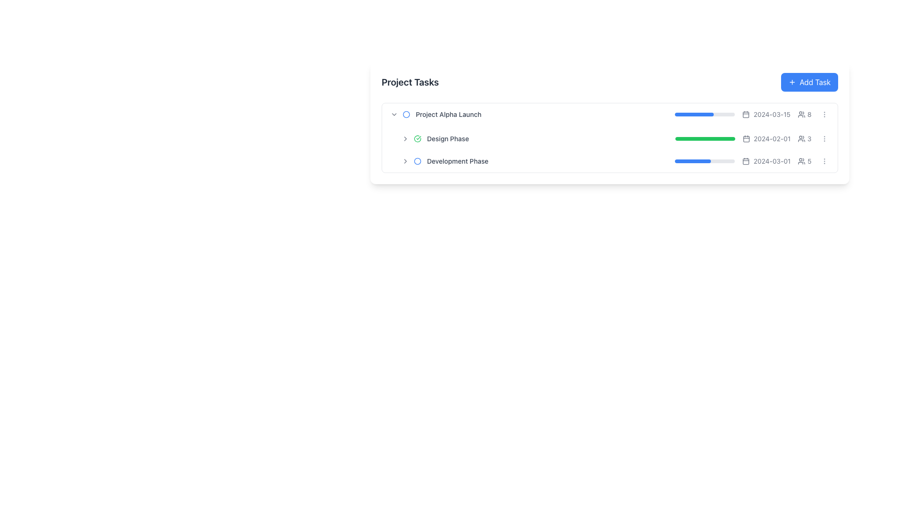  Describe the element at coordinates (746, 114) in the screenshot. I see `the Decorative element within the calendar icon, which is located to the right of the 'Design Phase' task` at that location.